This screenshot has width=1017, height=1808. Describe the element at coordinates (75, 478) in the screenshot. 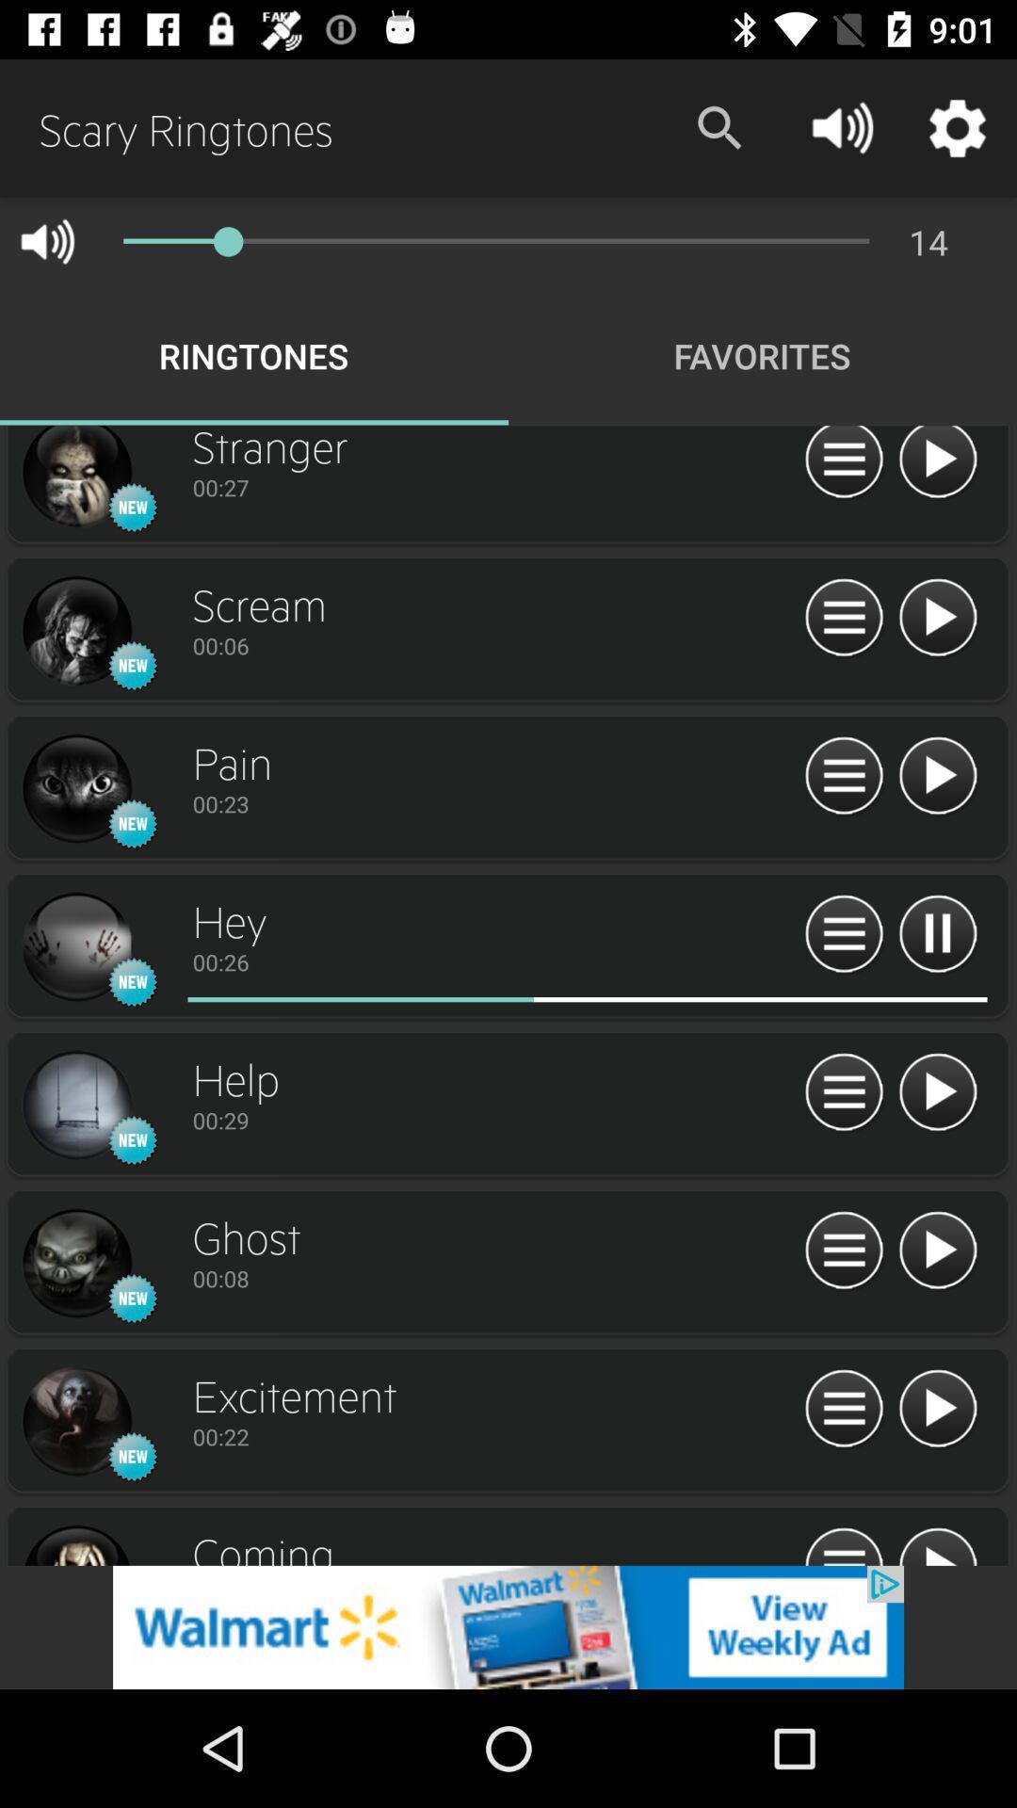

I see `icon details` at that location.